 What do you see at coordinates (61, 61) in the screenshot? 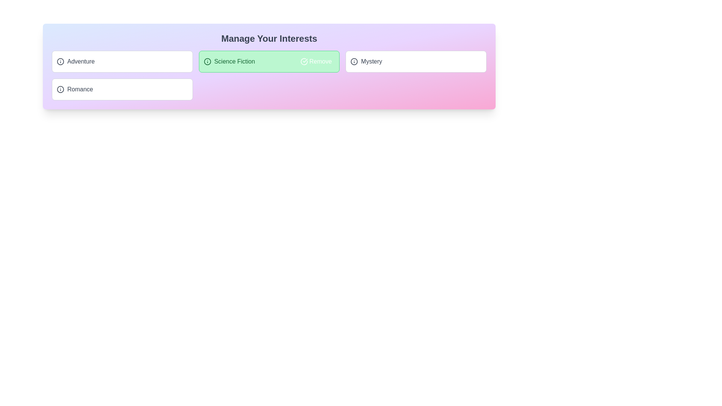
I see `the information icon for the tag 'Adventure' to read its description` at bounding box center [61, 61].